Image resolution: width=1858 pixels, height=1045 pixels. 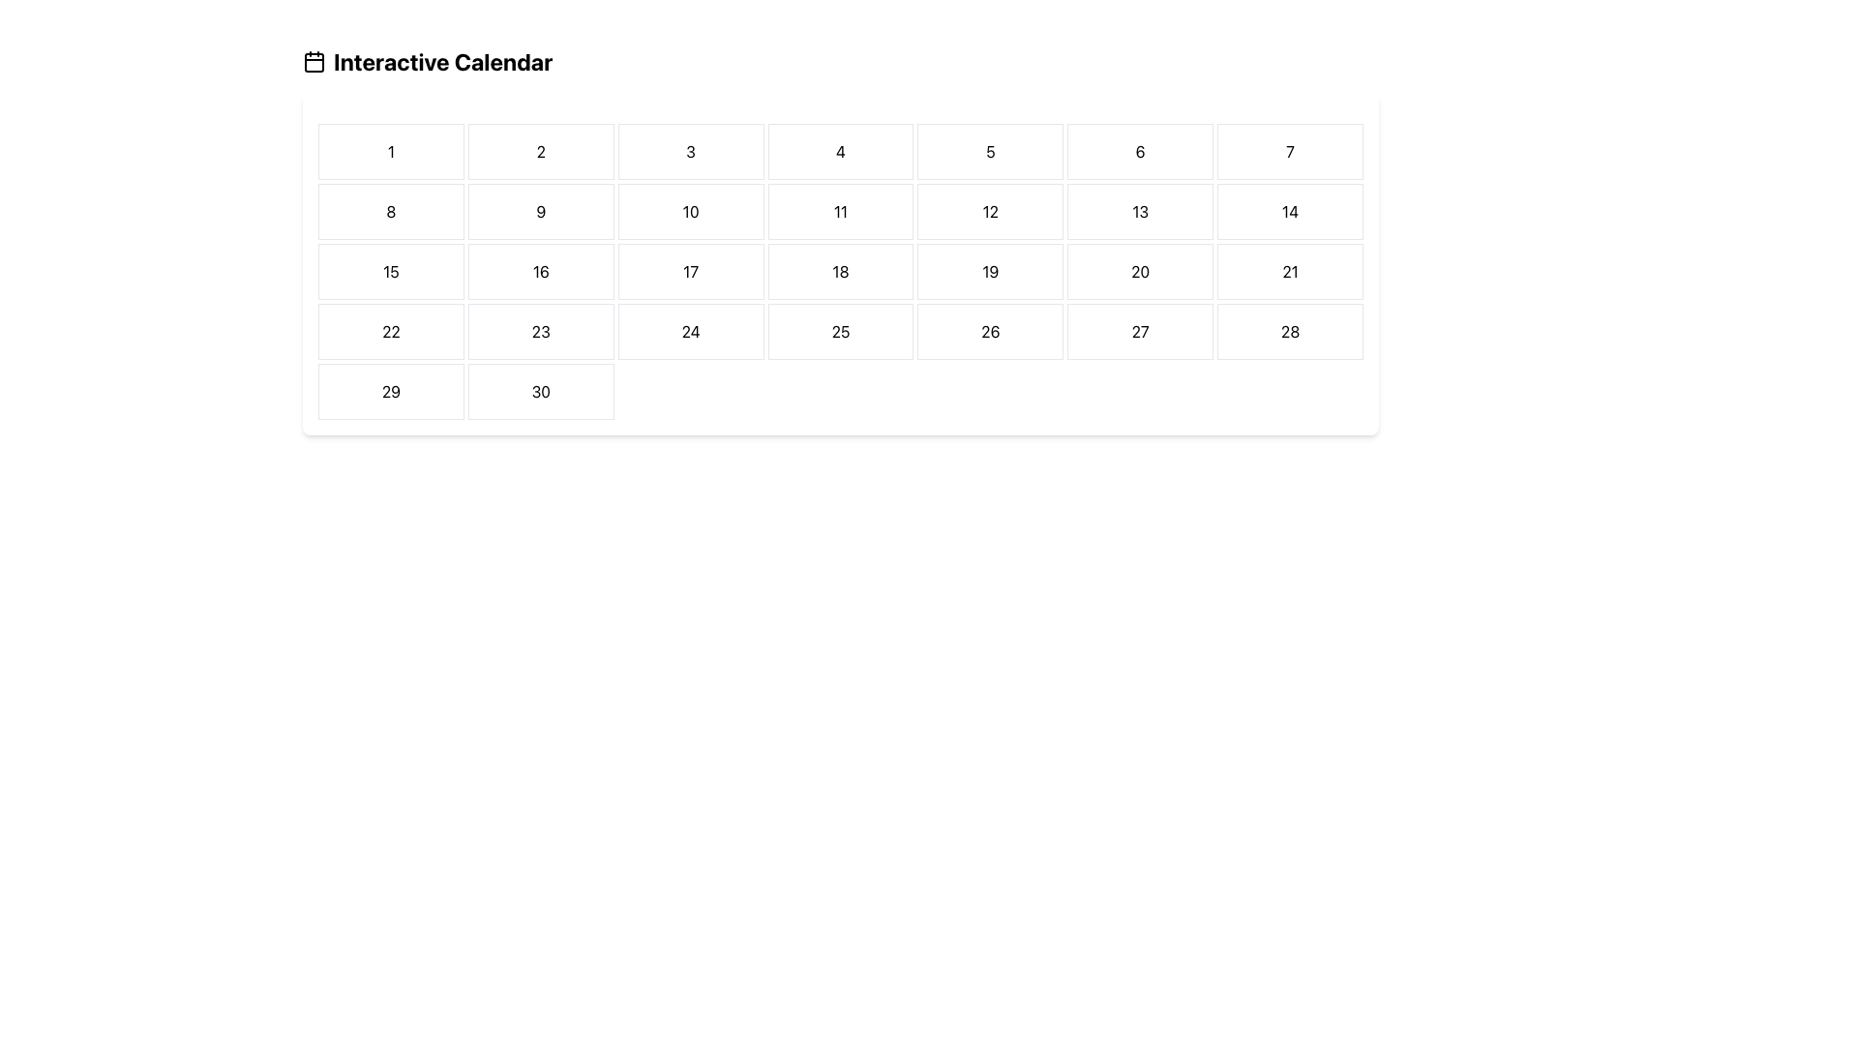 I want to click on the fifth grid cell in the first row of the calendar interface, so click(x=990, y=151).